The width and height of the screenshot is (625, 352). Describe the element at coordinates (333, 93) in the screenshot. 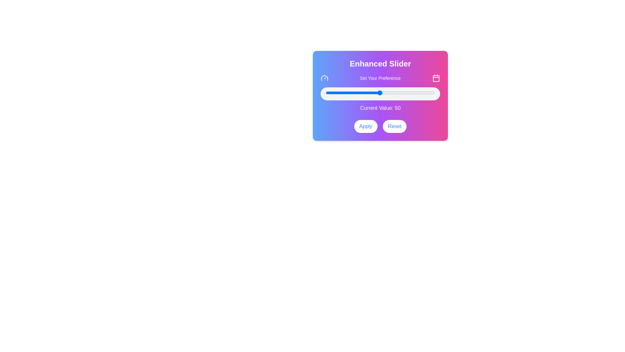

I see `the slider value` at that location.